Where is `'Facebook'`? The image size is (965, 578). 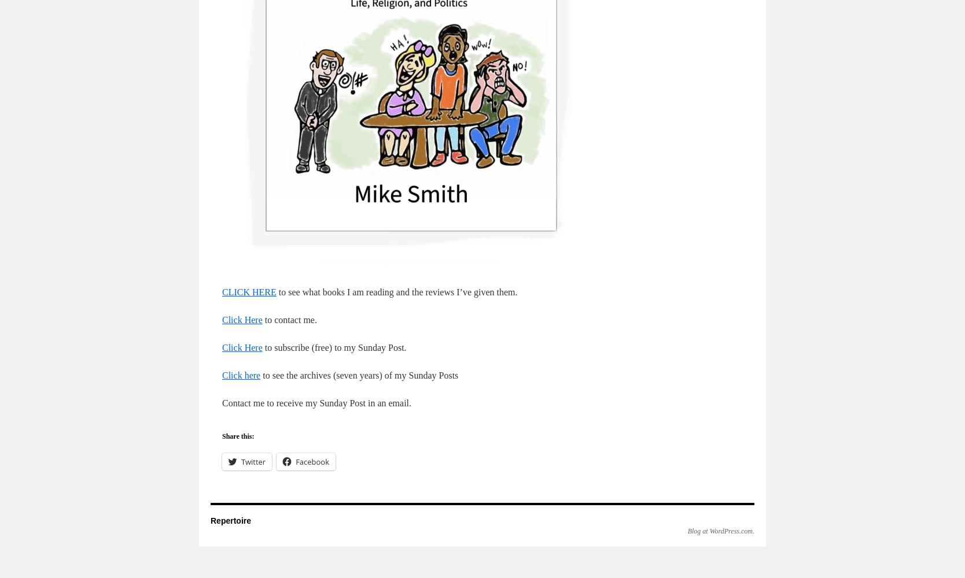
'Facebook' is located at coordinates (311, 462).